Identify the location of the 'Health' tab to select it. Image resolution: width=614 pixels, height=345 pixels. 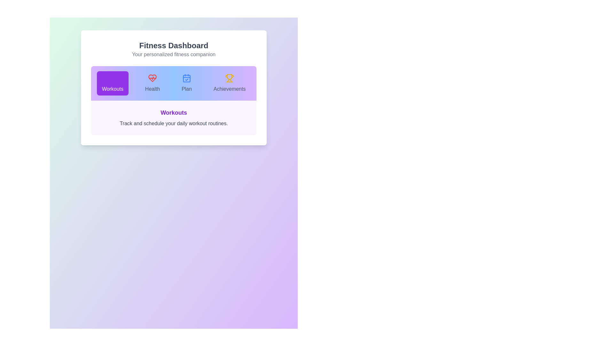
(152, 83).